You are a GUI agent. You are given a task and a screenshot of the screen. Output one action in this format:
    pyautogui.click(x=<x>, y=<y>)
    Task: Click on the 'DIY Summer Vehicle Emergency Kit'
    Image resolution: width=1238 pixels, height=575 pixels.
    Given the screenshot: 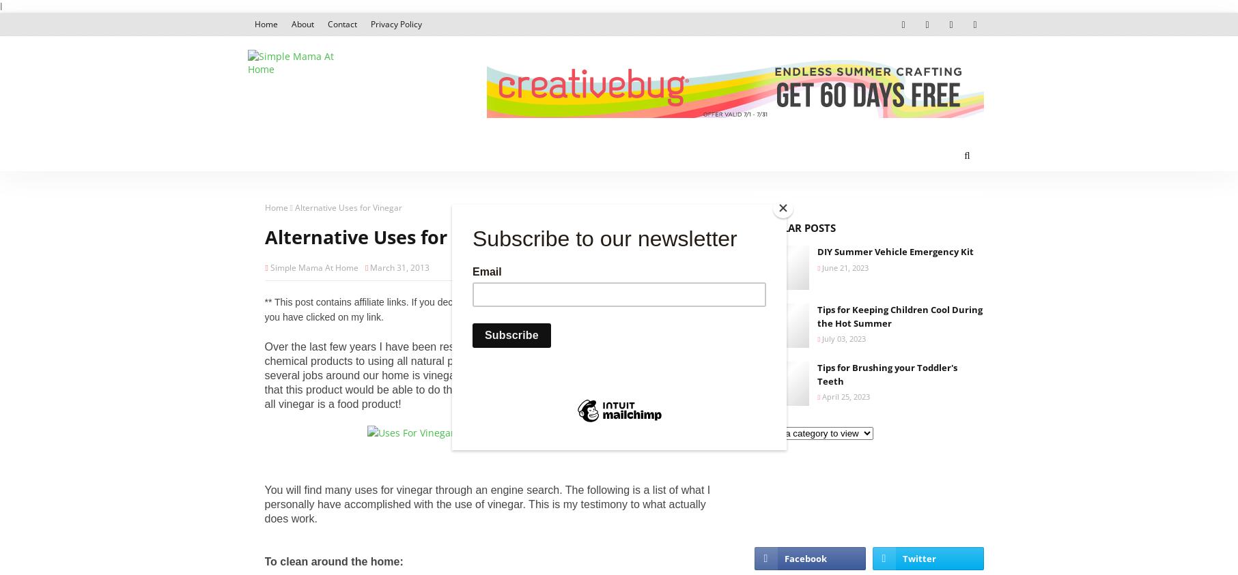 What is the action you would take?
    pyautogui.click(x=895, y=250)
    